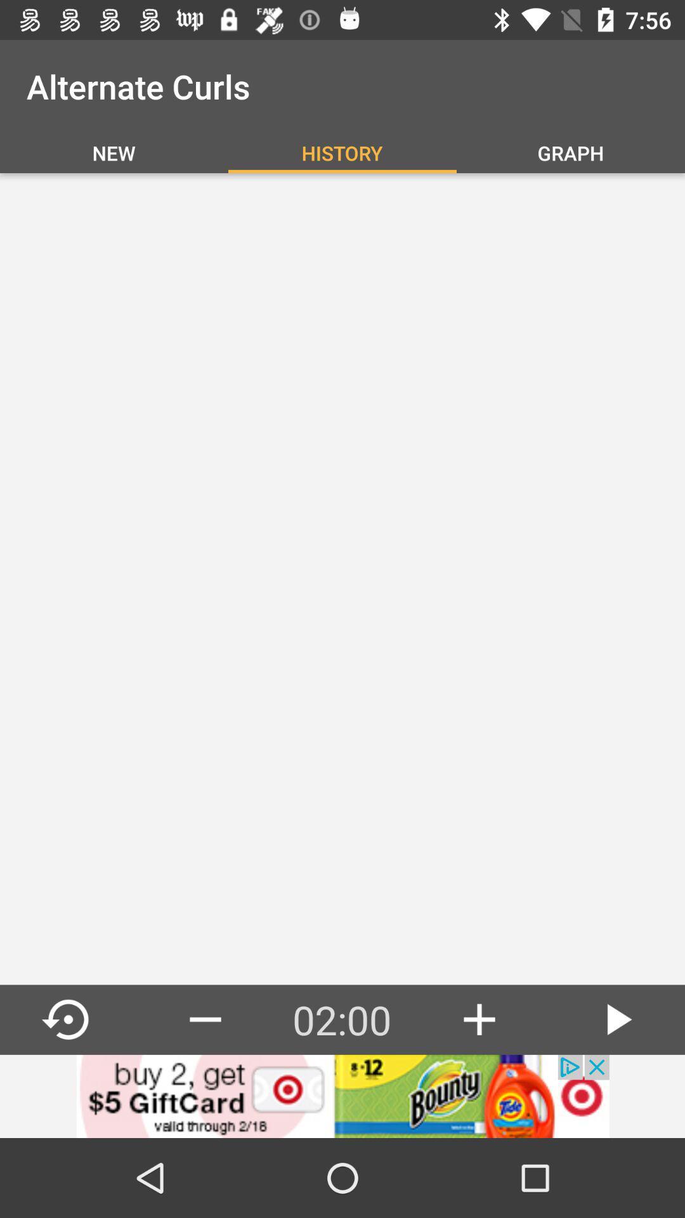  Describe the element at coordinates (342, 1096) in the screenshot. I see `advertisement` at that location.